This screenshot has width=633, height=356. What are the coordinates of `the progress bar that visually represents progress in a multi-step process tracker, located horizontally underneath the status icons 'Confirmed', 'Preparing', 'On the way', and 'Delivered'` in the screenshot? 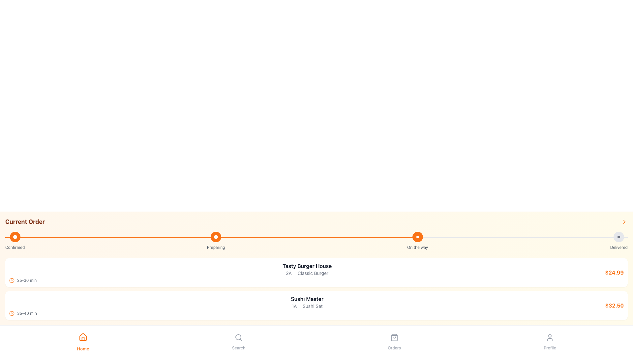 It's located at (316, 237).